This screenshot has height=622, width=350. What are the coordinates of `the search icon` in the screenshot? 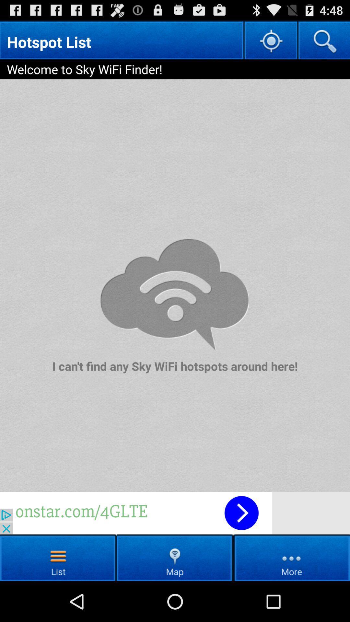 It's located at (323, 43).